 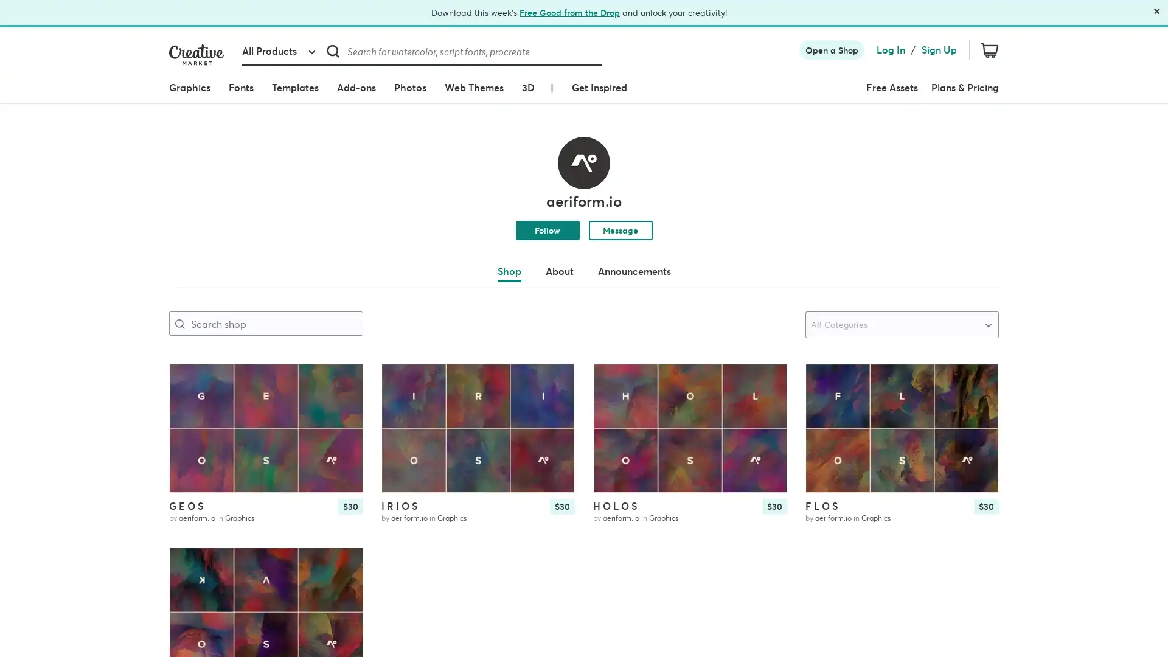 What do you see at coordinates (342, 381) in the screenshot?
I see `Like` at bounding box center [342, 381].